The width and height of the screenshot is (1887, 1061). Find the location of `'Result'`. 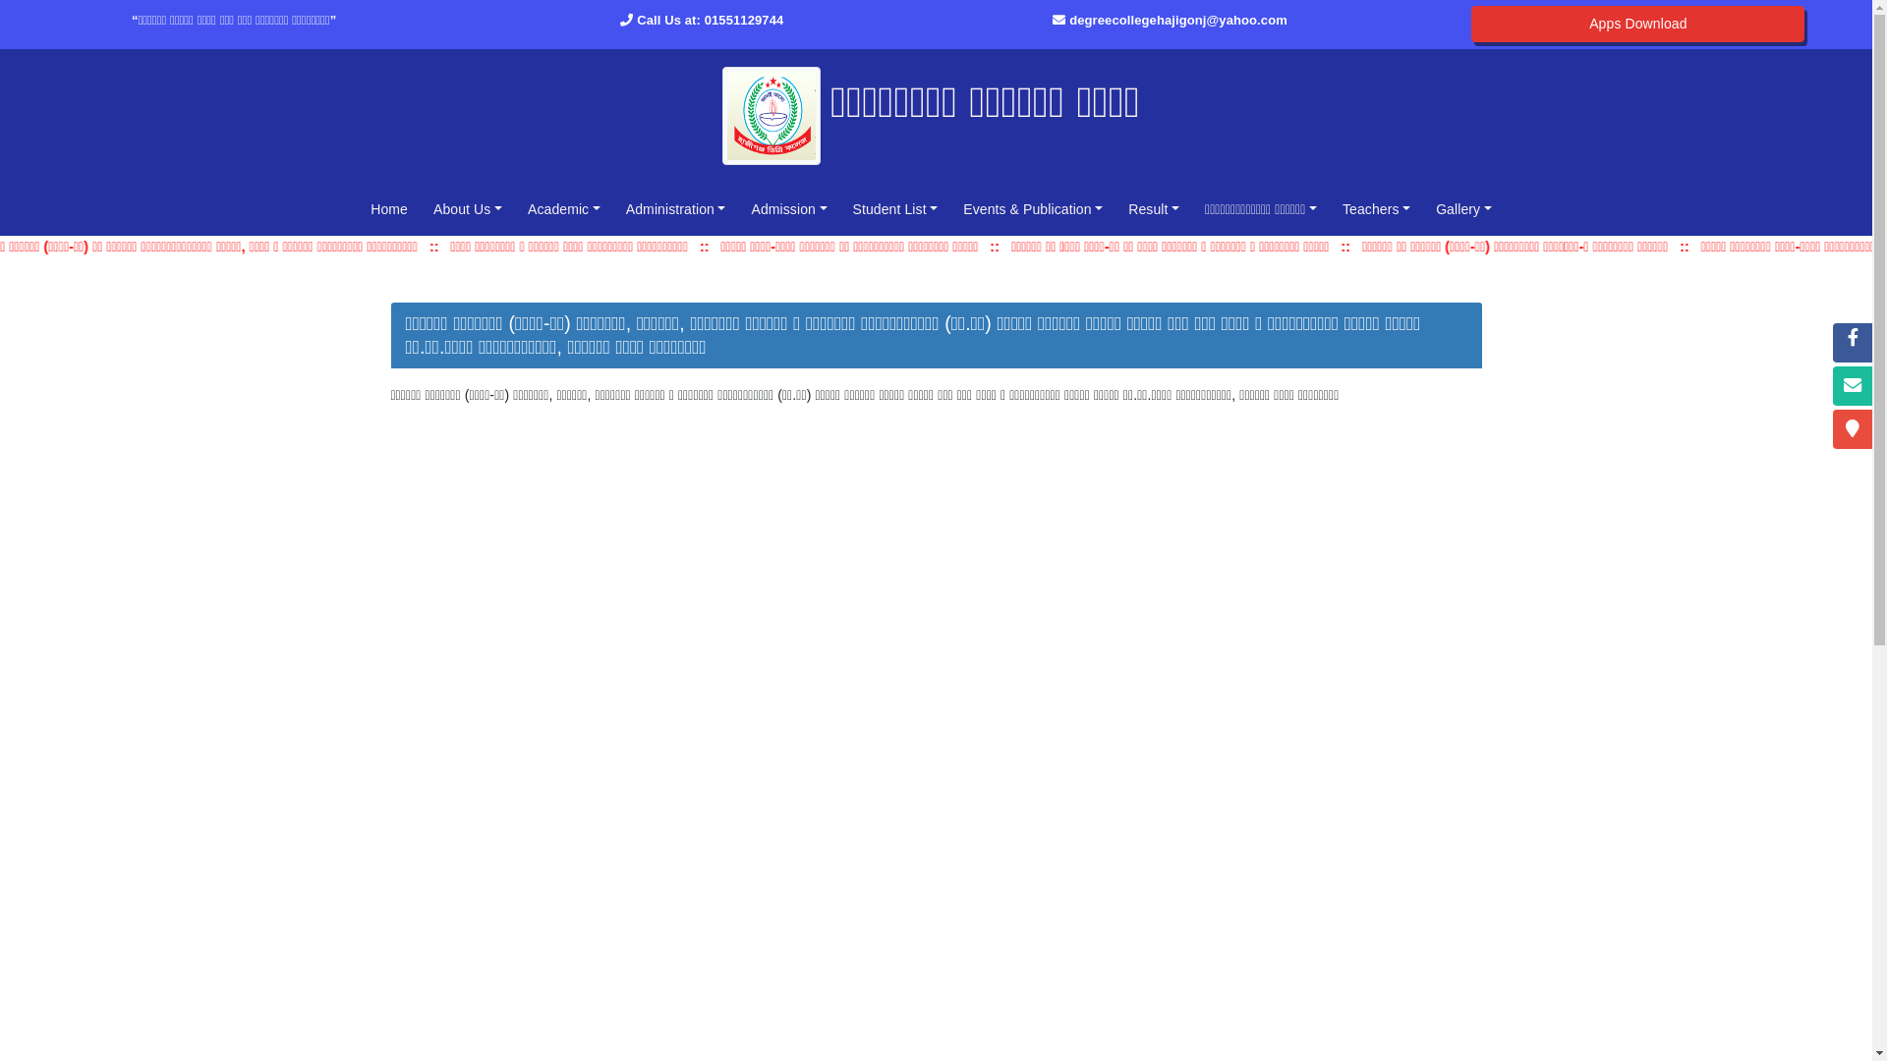

'Result' is located at coordinates (1154, 208).